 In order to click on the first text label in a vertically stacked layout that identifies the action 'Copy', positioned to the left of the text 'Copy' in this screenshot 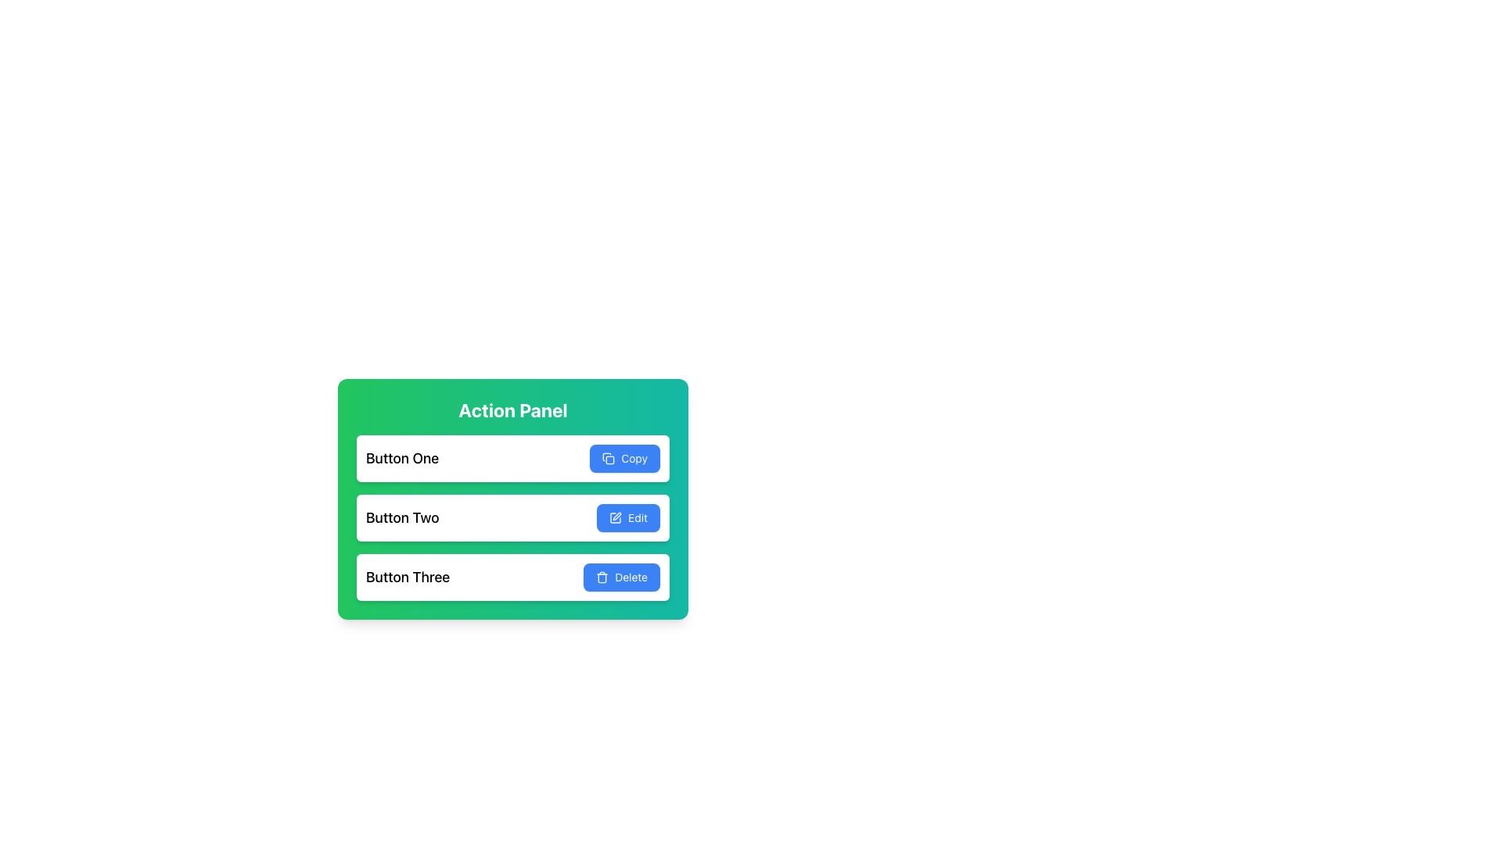, I will do `click(402, 457)`.